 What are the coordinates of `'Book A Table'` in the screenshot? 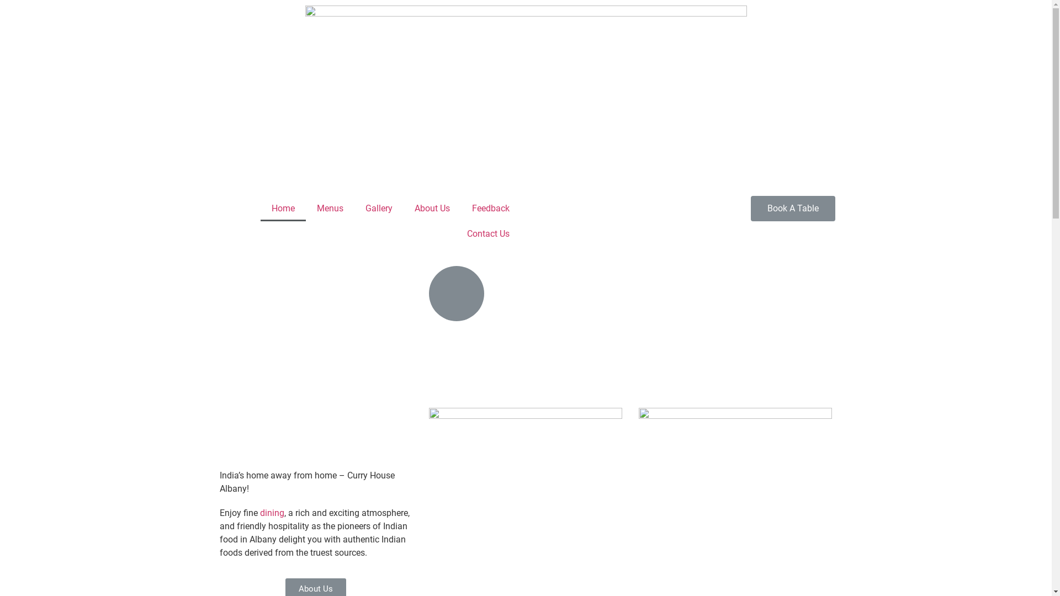 It's located at (792, 209).